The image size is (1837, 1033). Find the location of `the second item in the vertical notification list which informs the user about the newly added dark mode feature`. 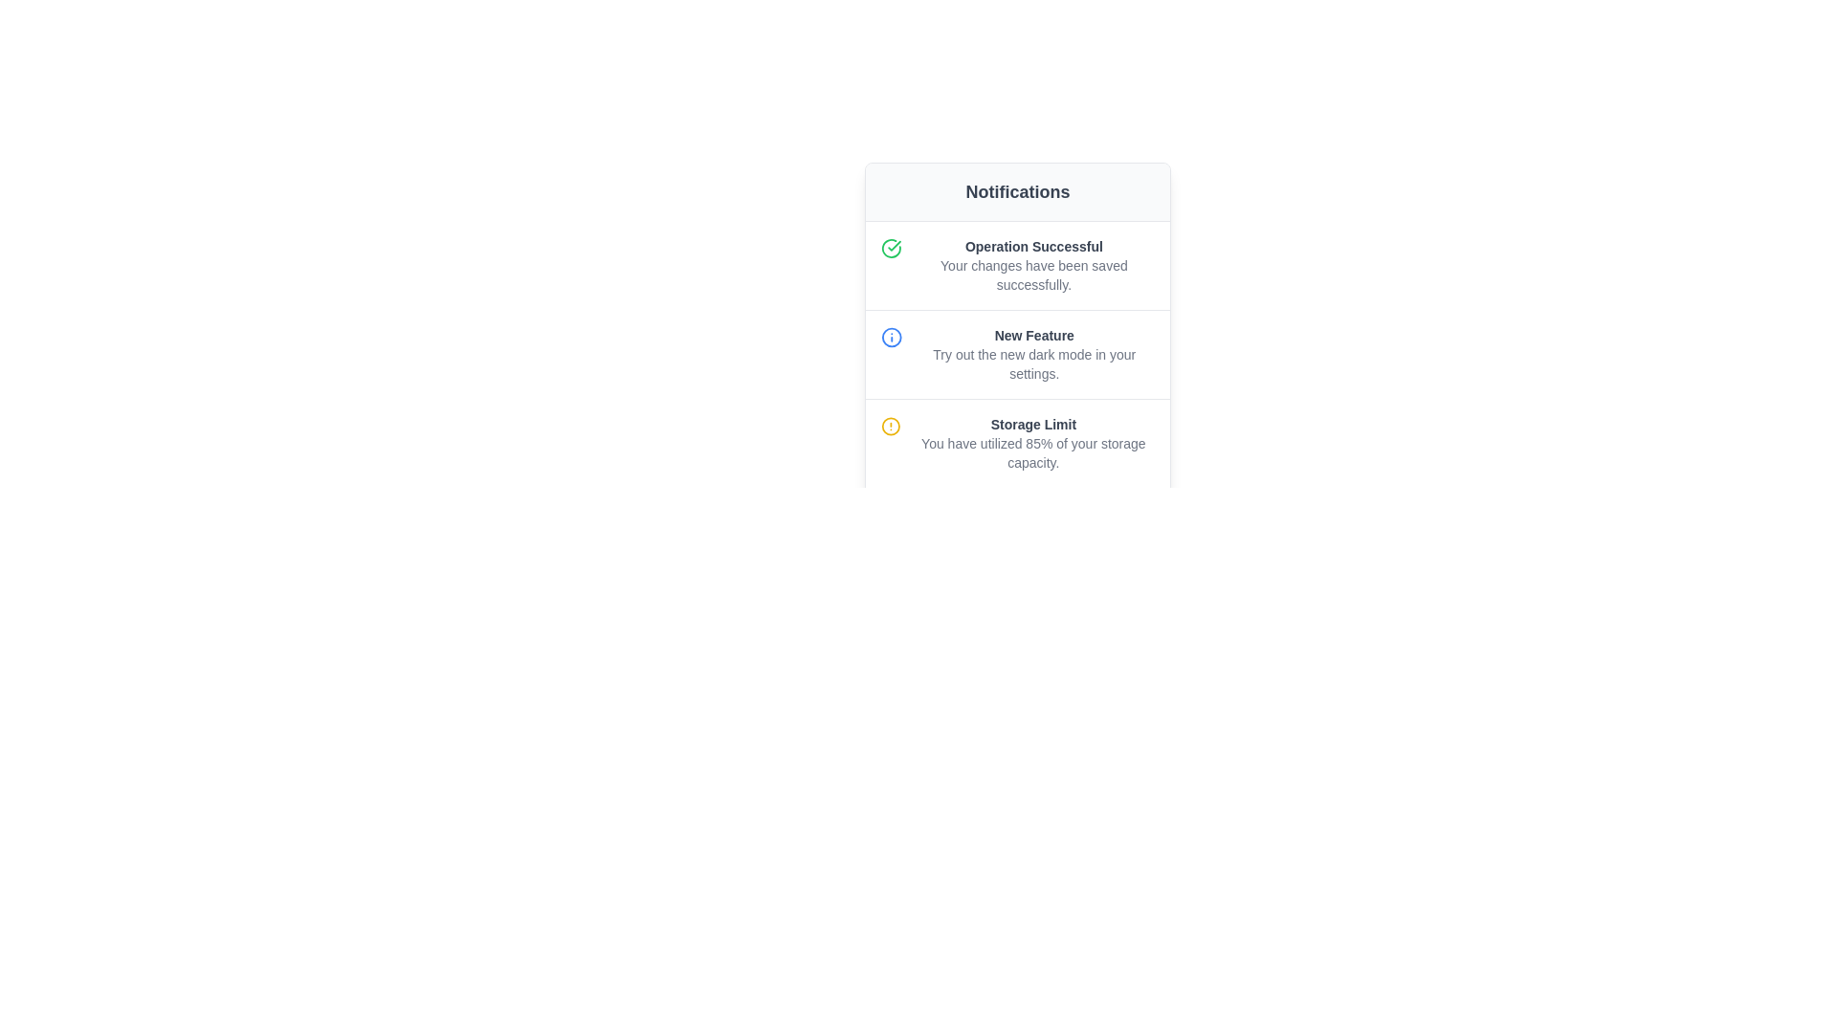

the second item in the vertical notification list which informs the user about the newly added dark mode feature is located at coordinates (1017, 354).